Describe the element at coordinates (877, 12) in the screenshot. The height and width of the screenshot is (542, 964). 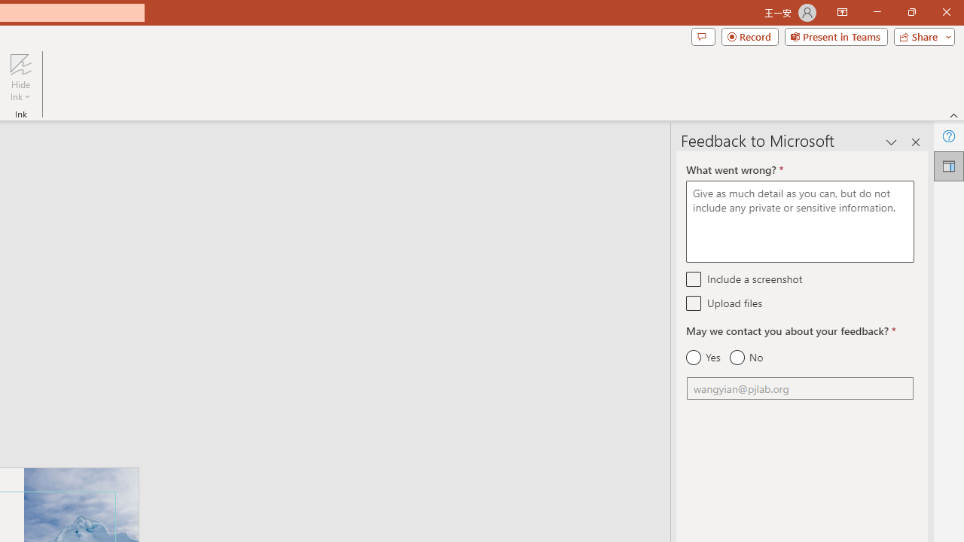
I see `'Minimize'` at that location.